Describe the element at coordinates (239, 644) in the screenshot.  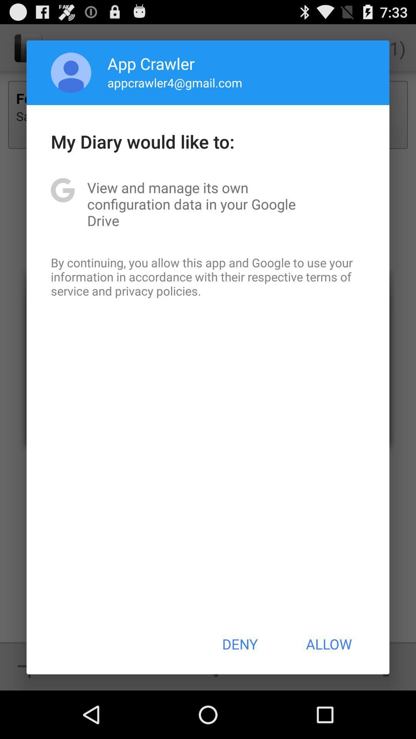
I see `the deny button` at that location.